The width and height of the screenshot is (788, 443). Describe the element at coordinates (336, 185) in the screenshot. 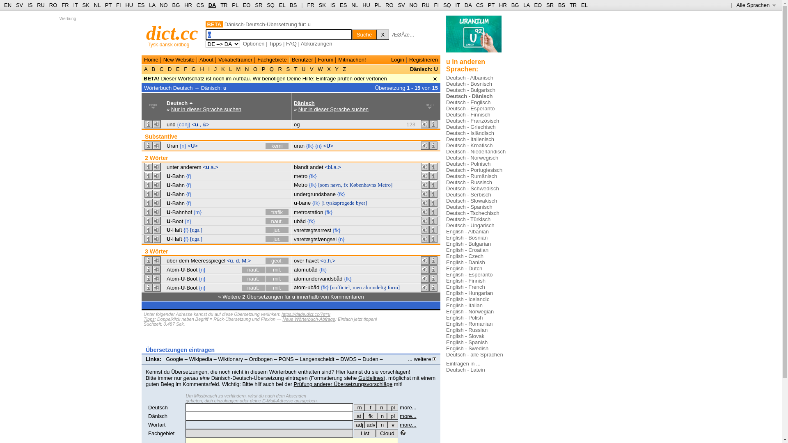

I see `'navn,'` at that location.